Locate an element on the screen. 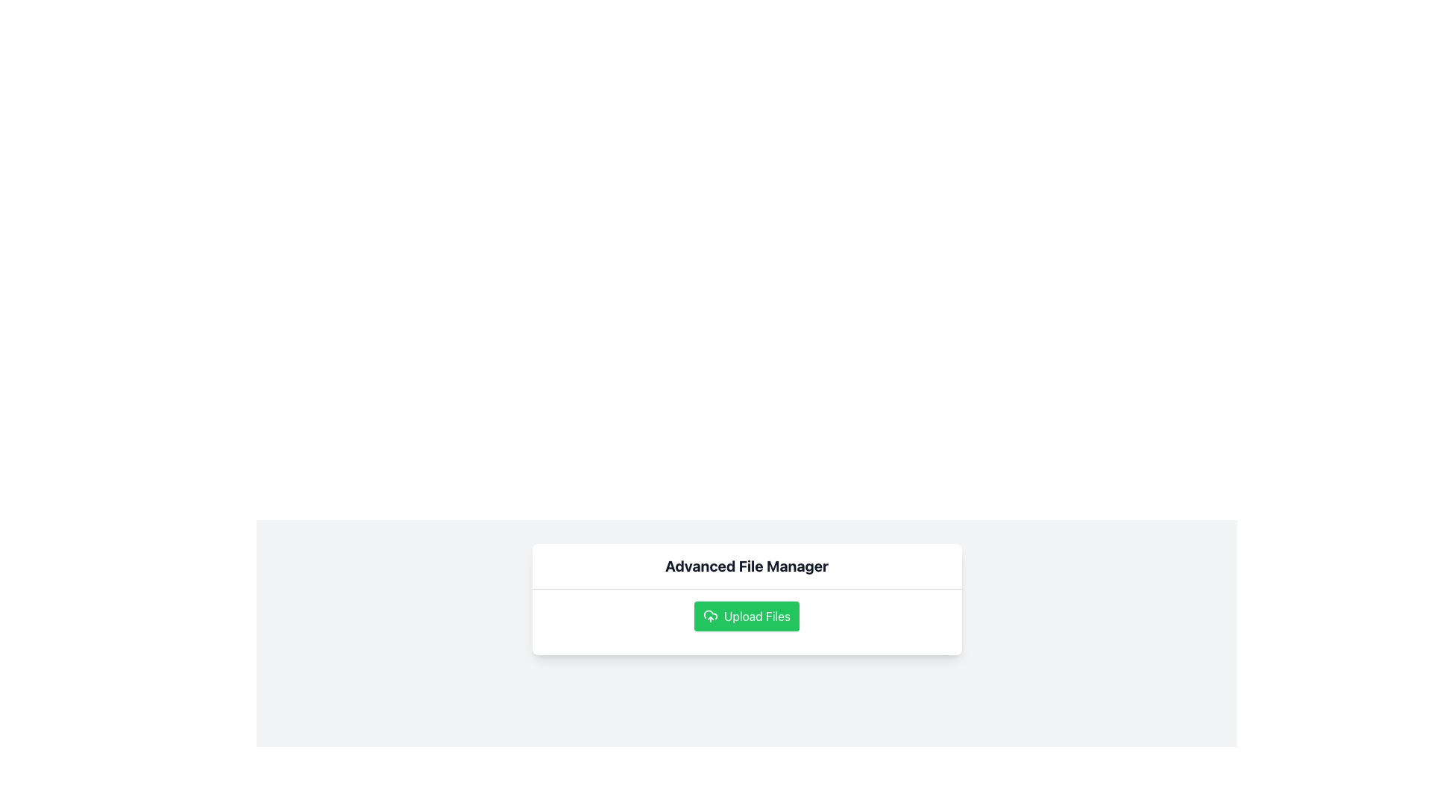 The width and height of the screenshot is (1432, 806). the cloud icon with an upward arrow located within the green 'Upload Files' button is located at coordinates (709, 616).